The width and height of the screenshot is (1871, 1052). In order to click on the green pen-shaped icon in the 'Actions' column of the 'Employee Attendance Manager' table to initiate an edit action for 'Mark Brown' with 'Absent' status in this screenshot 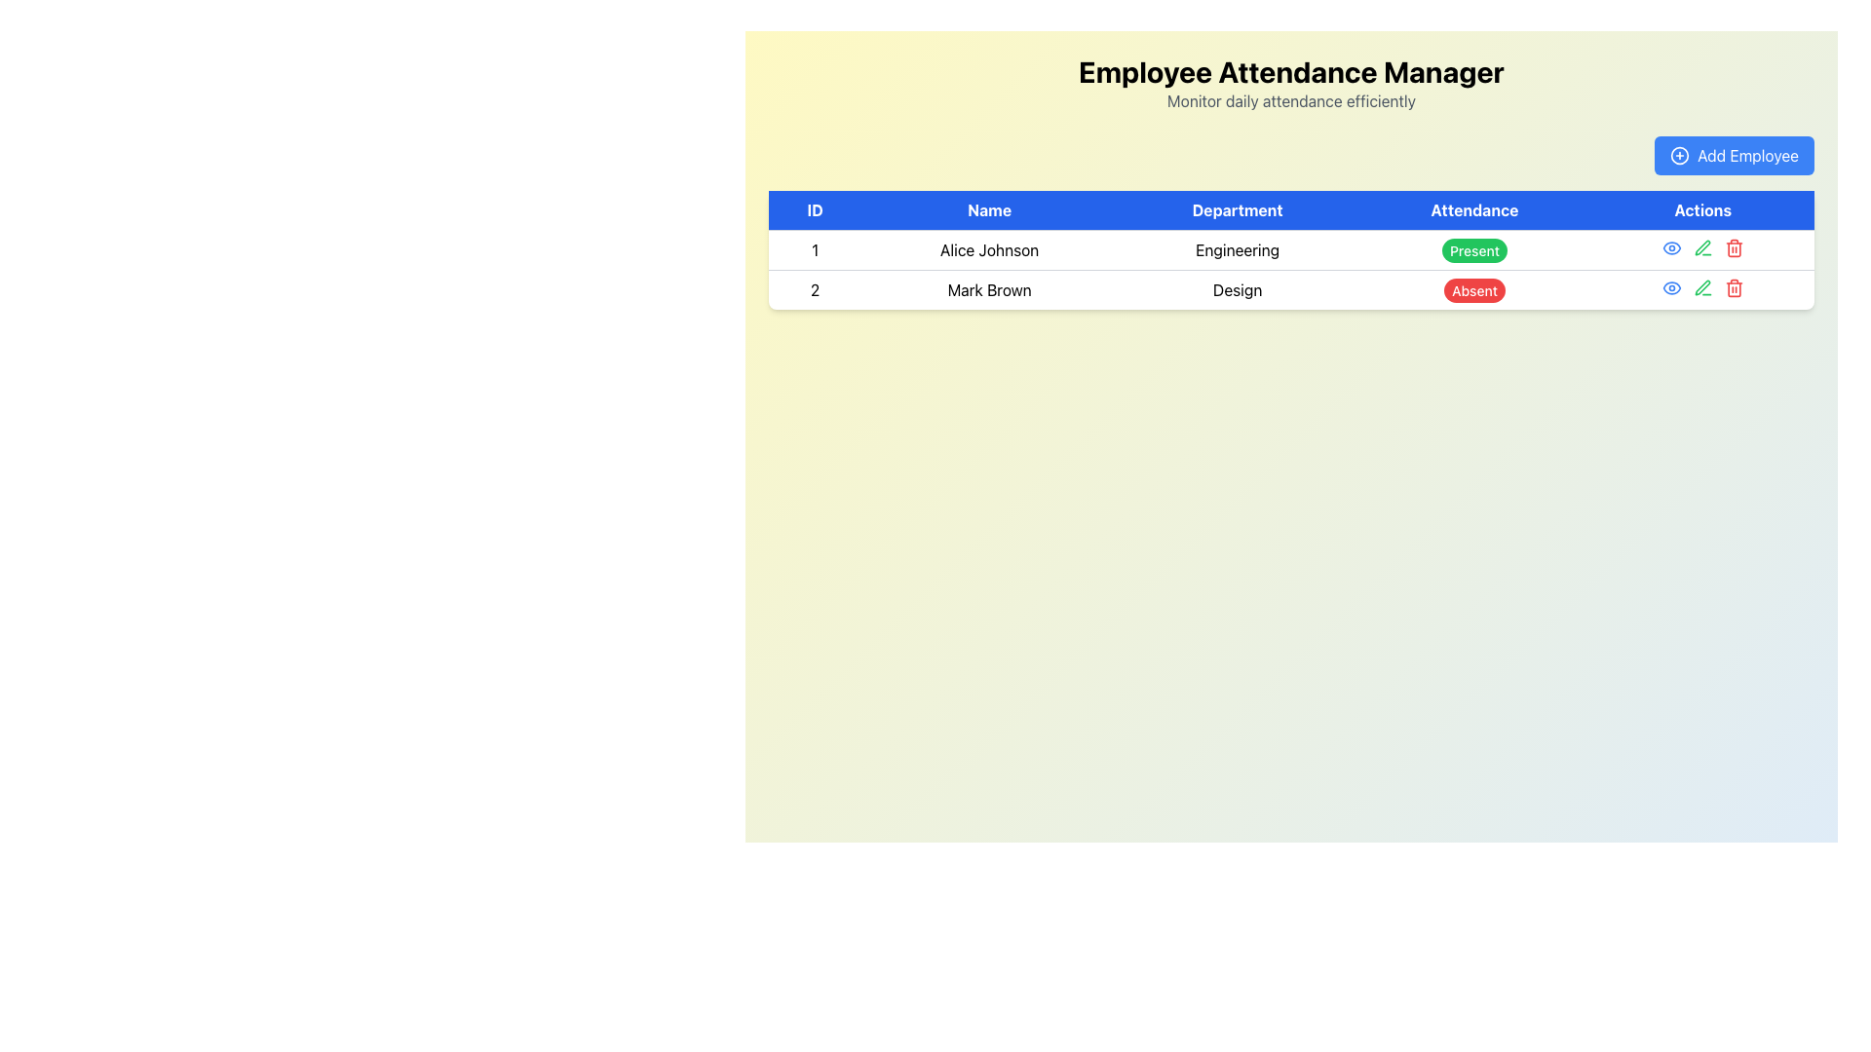, I will do `click(1701, 246)`.